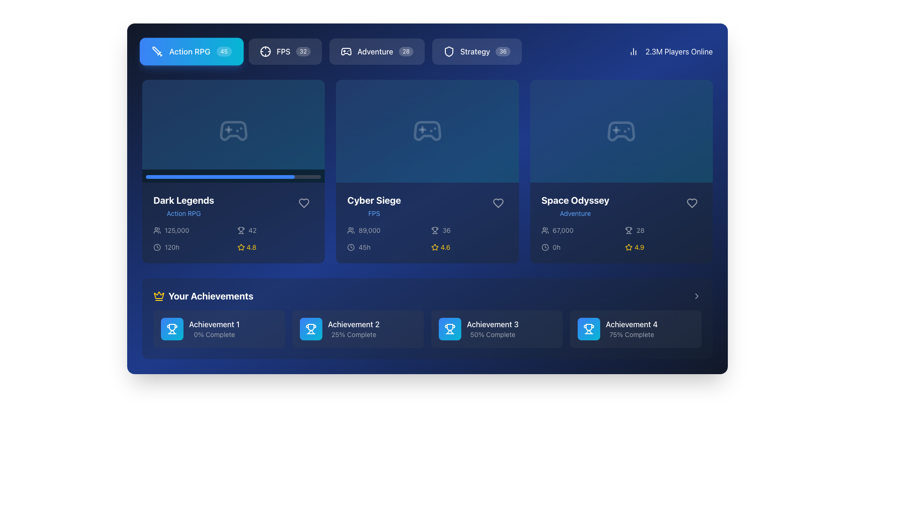 This screenshot has height=507, width=901. I want to click on the text label displaying '0% Complete', which is positioned beneath the title 'Achievement 1' in the lower part of the achievement card area, so click(214, 334).